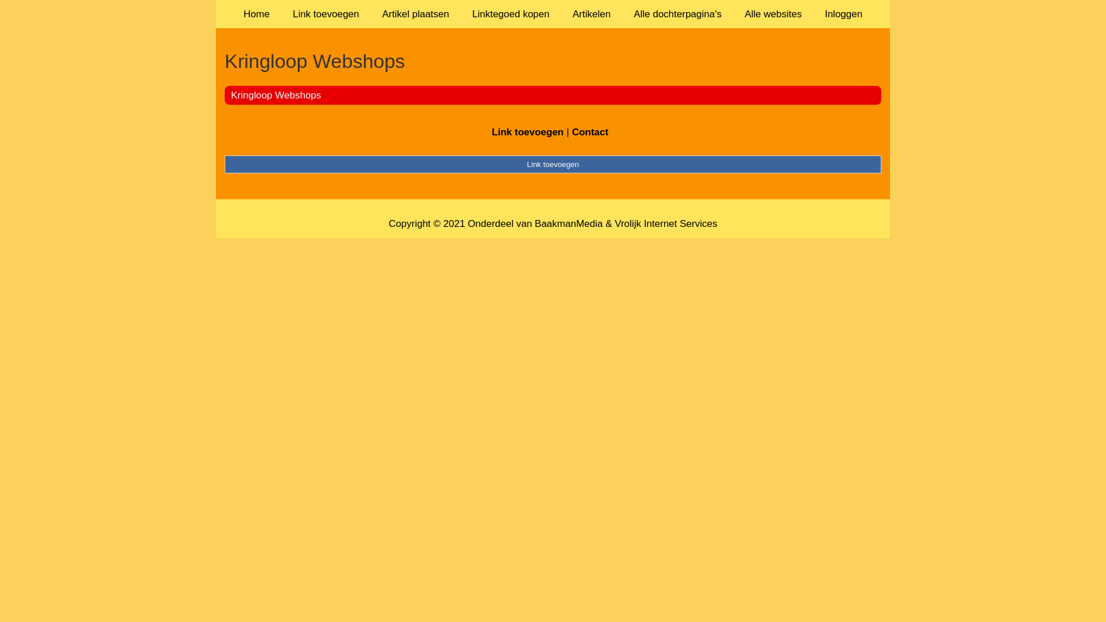 This screenshot has height=622, width=1106. What do you see at coordinates (256, 14) in the screenshot?
I see `'Home'` at bounding box center [256, 14].